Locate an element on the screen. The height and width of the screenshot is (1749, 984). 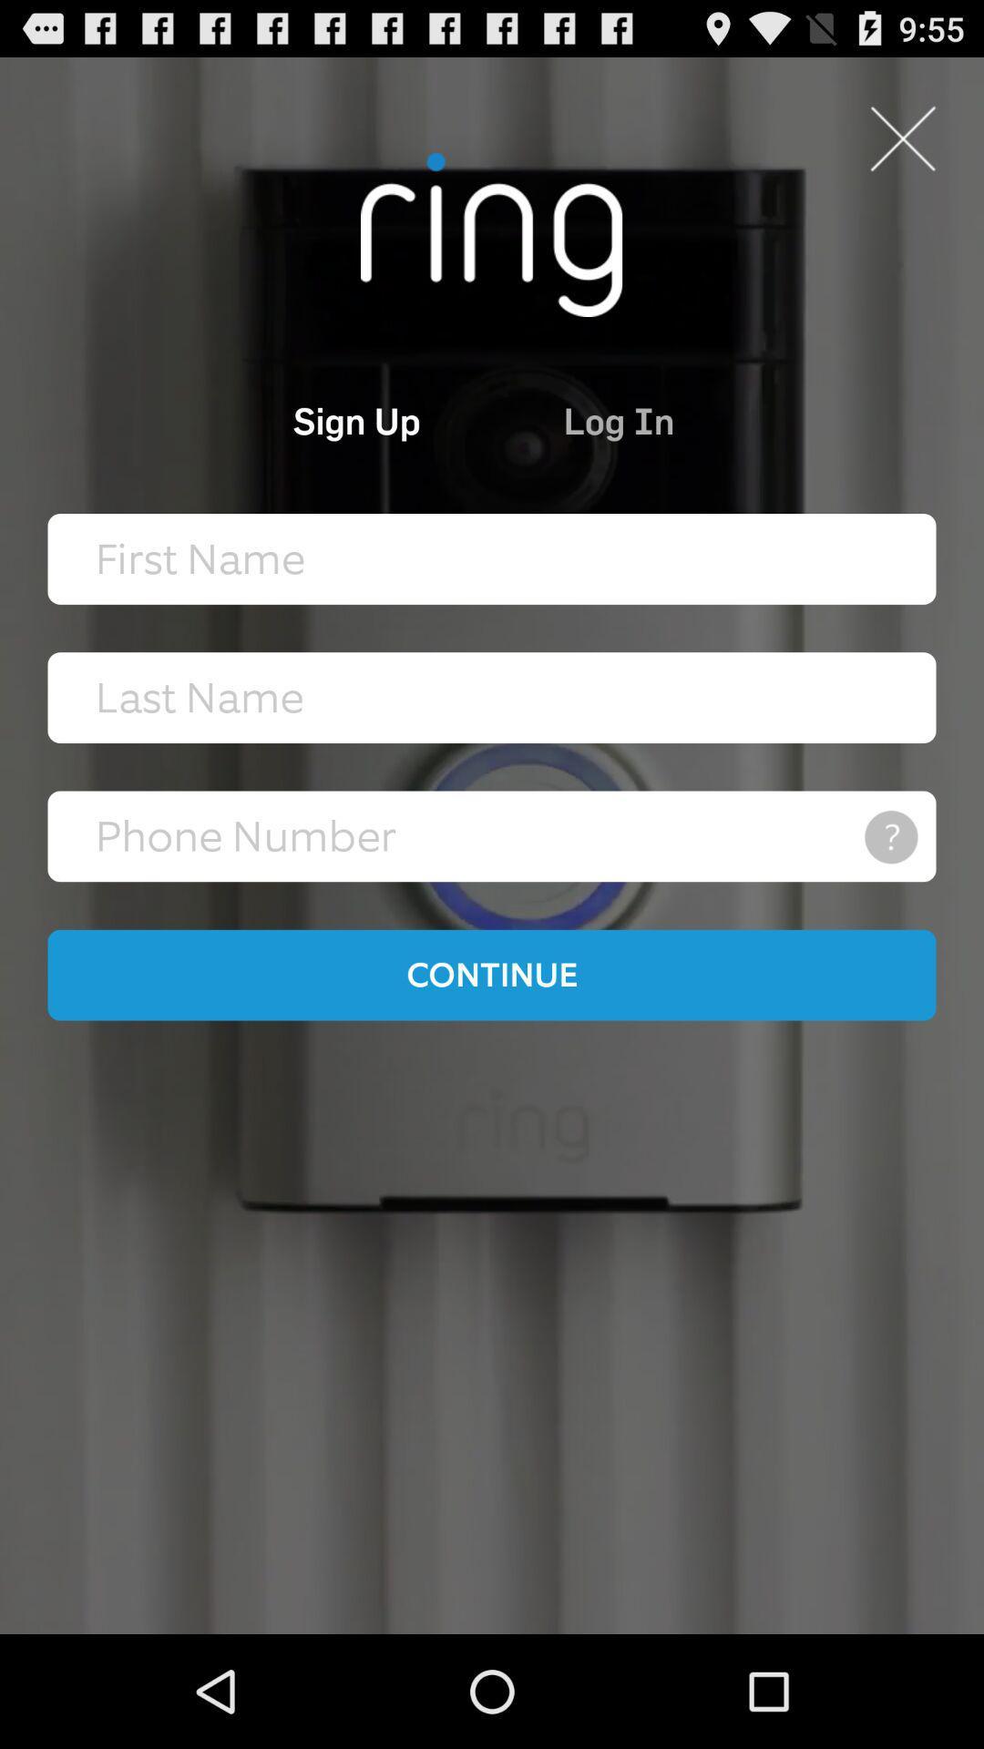
the continue item is located at coordinates (492, 974).